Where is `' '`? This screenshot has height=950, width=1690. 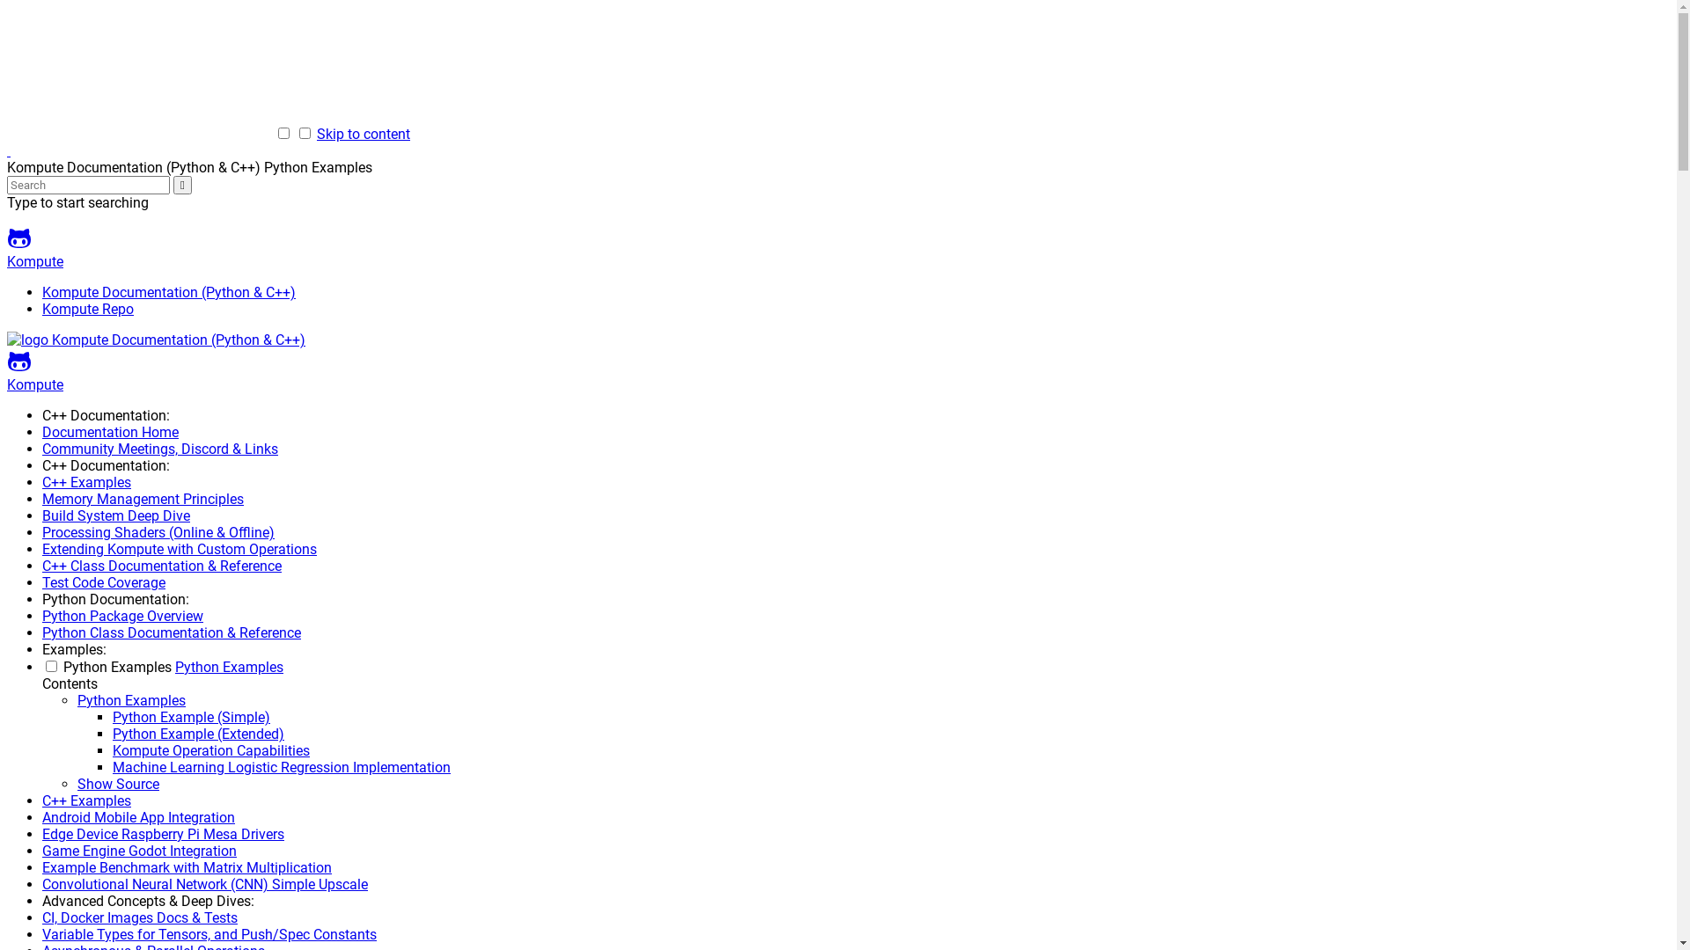 ' ' is located at coordinates (8, 150).